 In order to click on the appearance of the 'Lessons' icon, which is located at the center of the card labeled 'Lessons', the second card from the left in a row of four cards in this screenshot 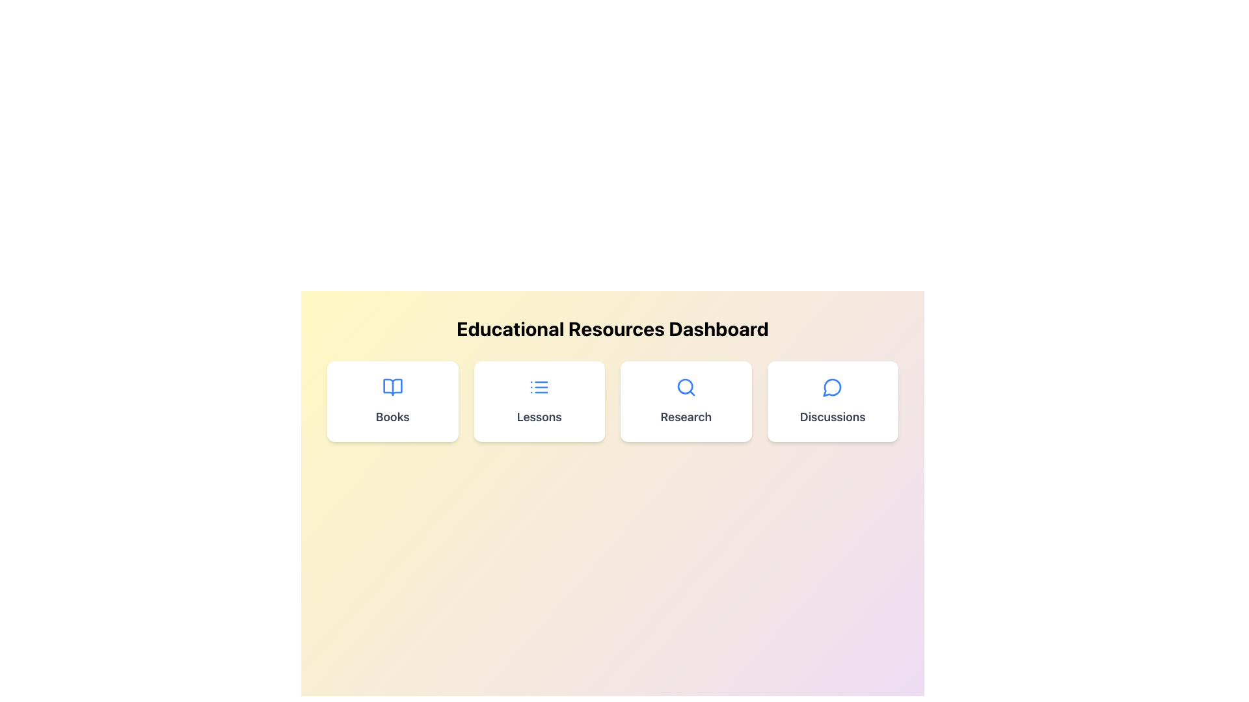, I will do `click(539, 387)`.